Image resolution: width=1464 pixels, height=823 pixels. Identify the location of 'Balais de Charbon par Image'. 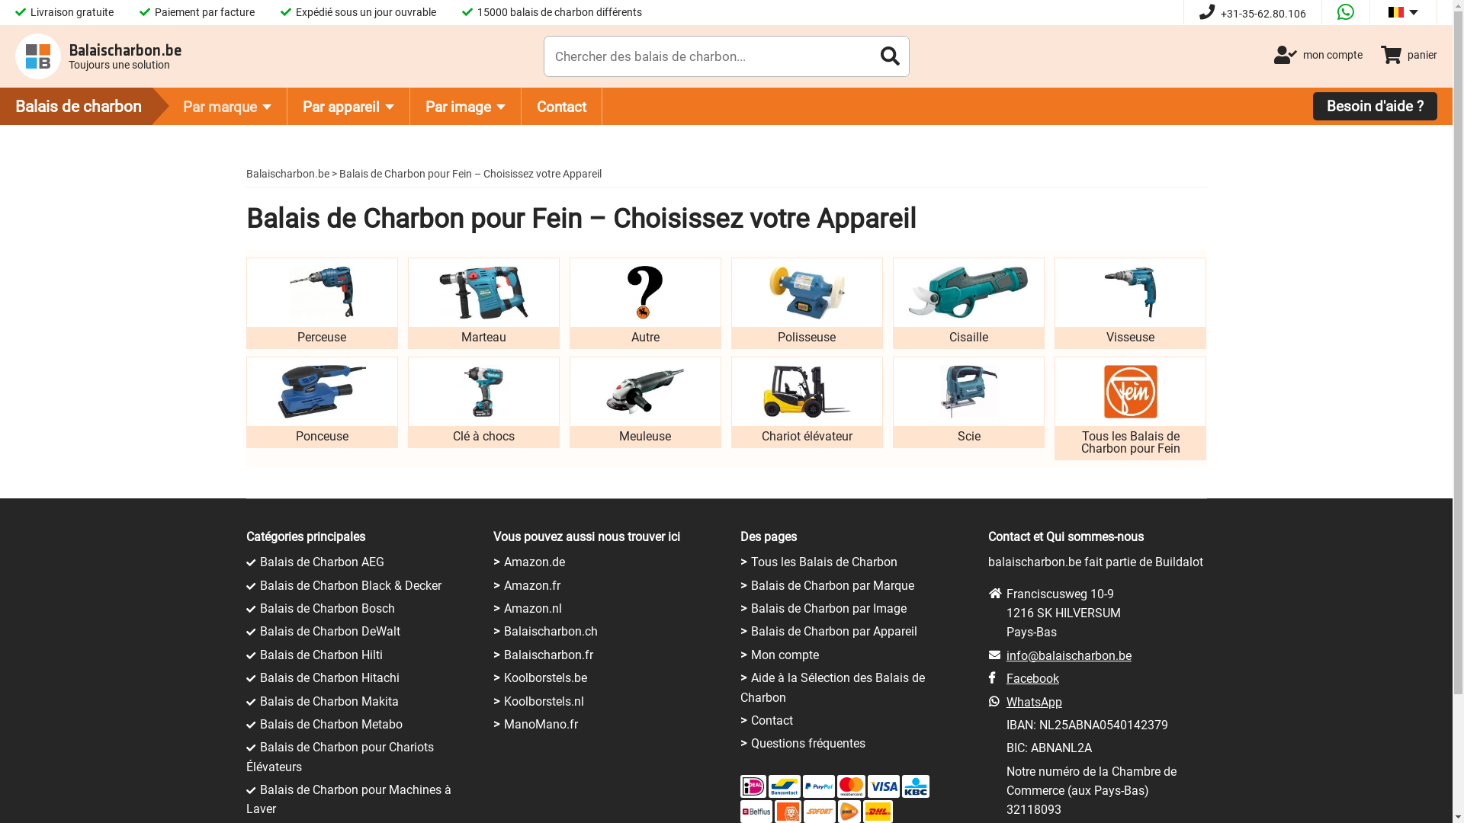
(827, 607).